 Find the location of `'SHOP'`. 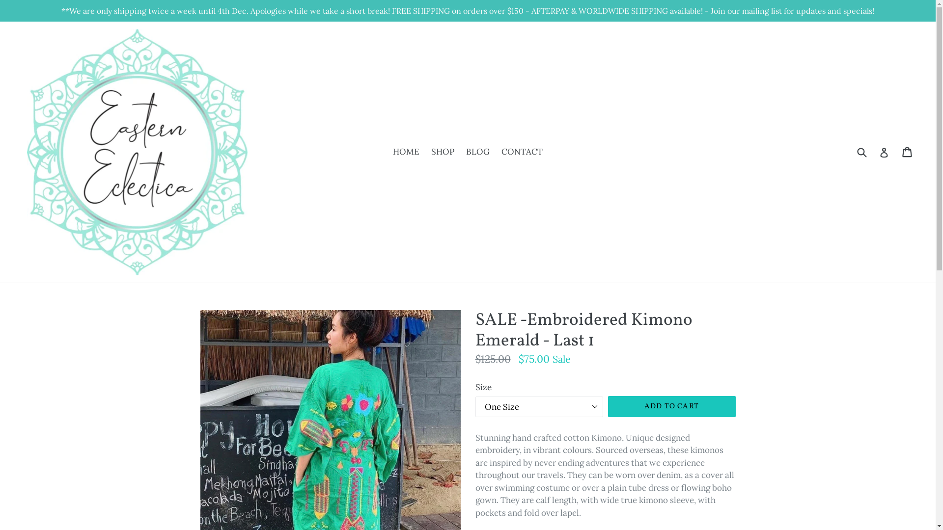

'SHOP' is located at coordinates (442, 152).